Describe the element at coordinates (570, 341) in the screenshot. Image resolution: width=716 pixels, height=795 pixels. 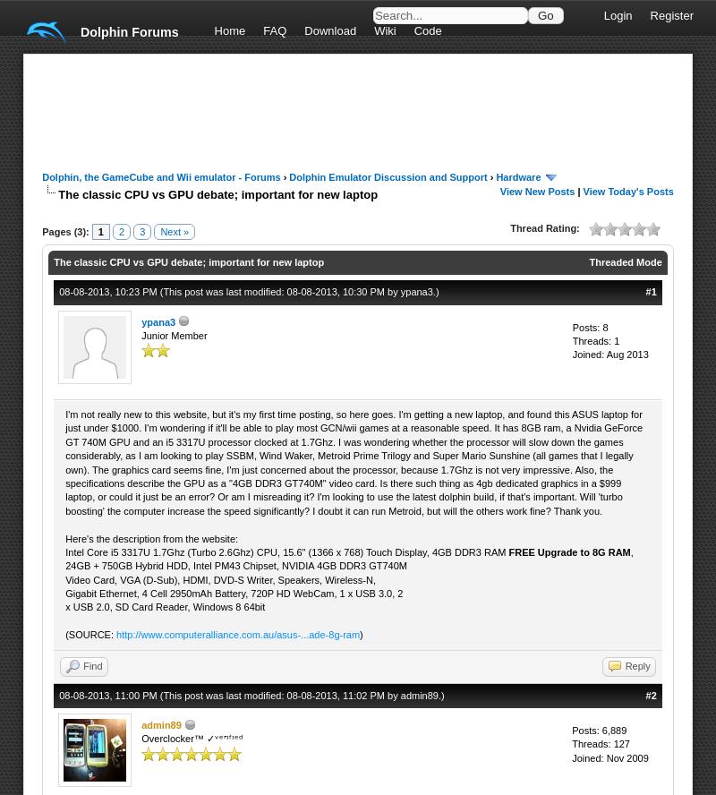
I see `'Threads: 1'` at that location.